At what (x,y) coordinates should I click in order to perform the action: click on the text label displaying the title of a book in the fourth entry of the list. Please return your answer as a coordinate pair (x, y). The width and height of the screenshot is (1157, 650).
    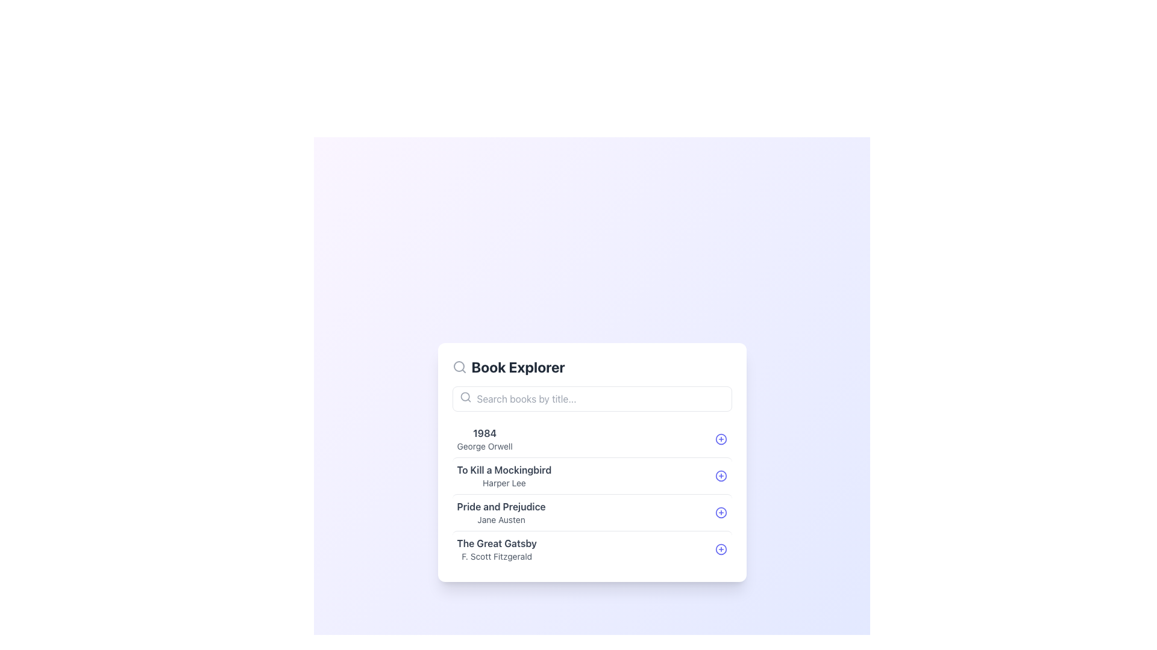
    Looking at the image, I should click on (497, 543).